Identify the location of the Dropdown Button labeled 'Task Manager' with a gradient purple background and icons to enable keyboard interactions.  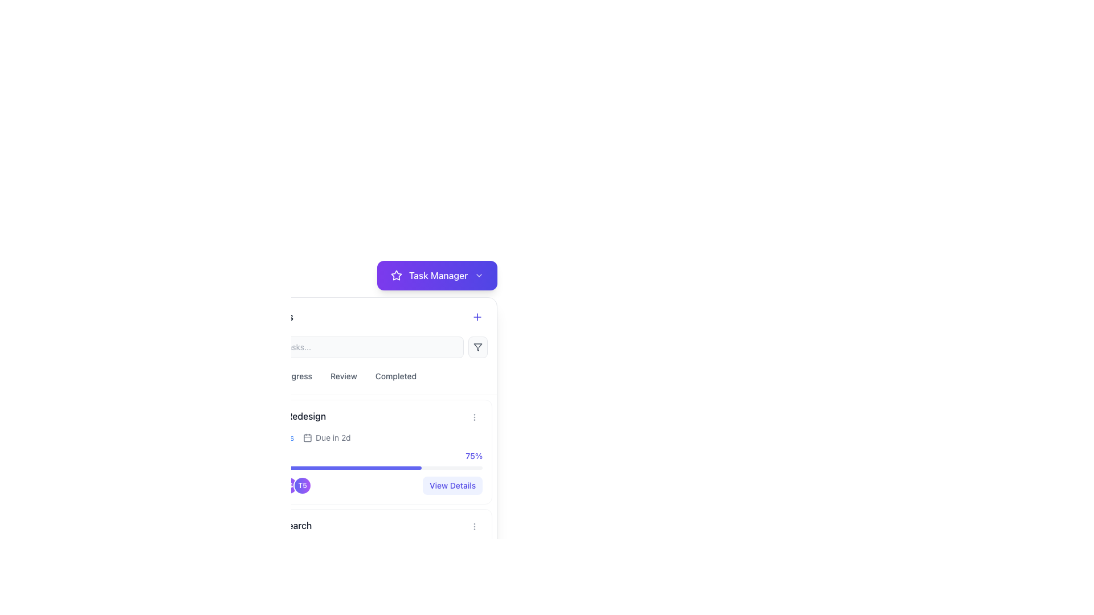
(436, 275).